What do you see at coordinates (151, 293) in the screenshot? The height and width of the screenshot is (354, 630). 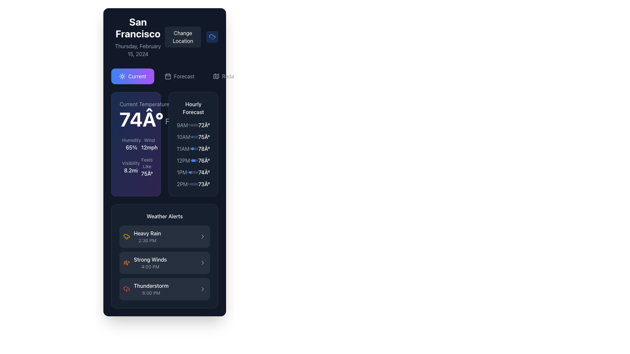 I see `the displayed time on the TextLabel showing '6:00 PM' under the 'Thunderstorm' label in the 'Weather Alerts' section` at bounding box center [151, 293].